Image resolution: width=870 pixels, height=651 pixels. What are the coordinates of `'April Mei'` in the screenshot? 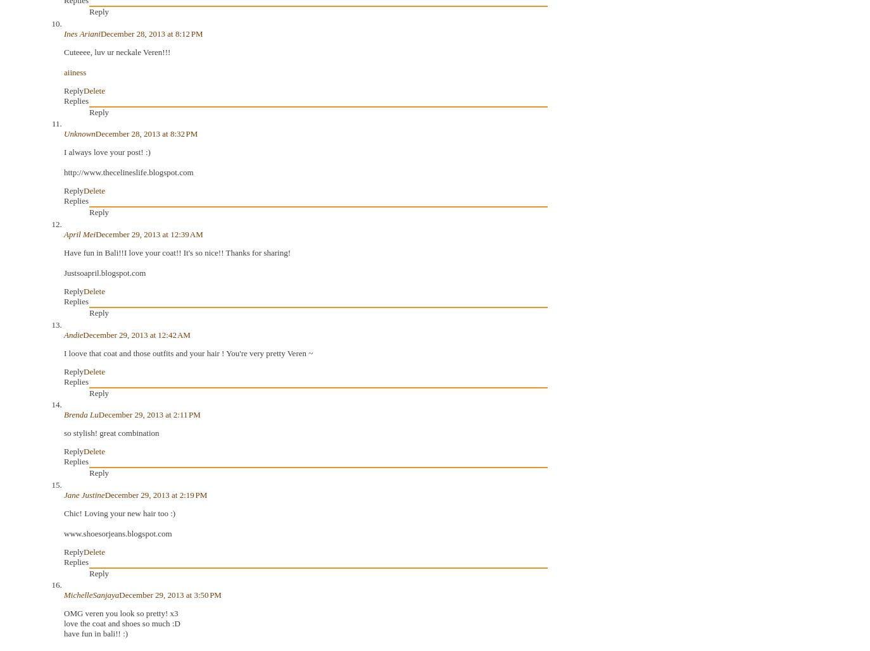 It's located at (79, 233).